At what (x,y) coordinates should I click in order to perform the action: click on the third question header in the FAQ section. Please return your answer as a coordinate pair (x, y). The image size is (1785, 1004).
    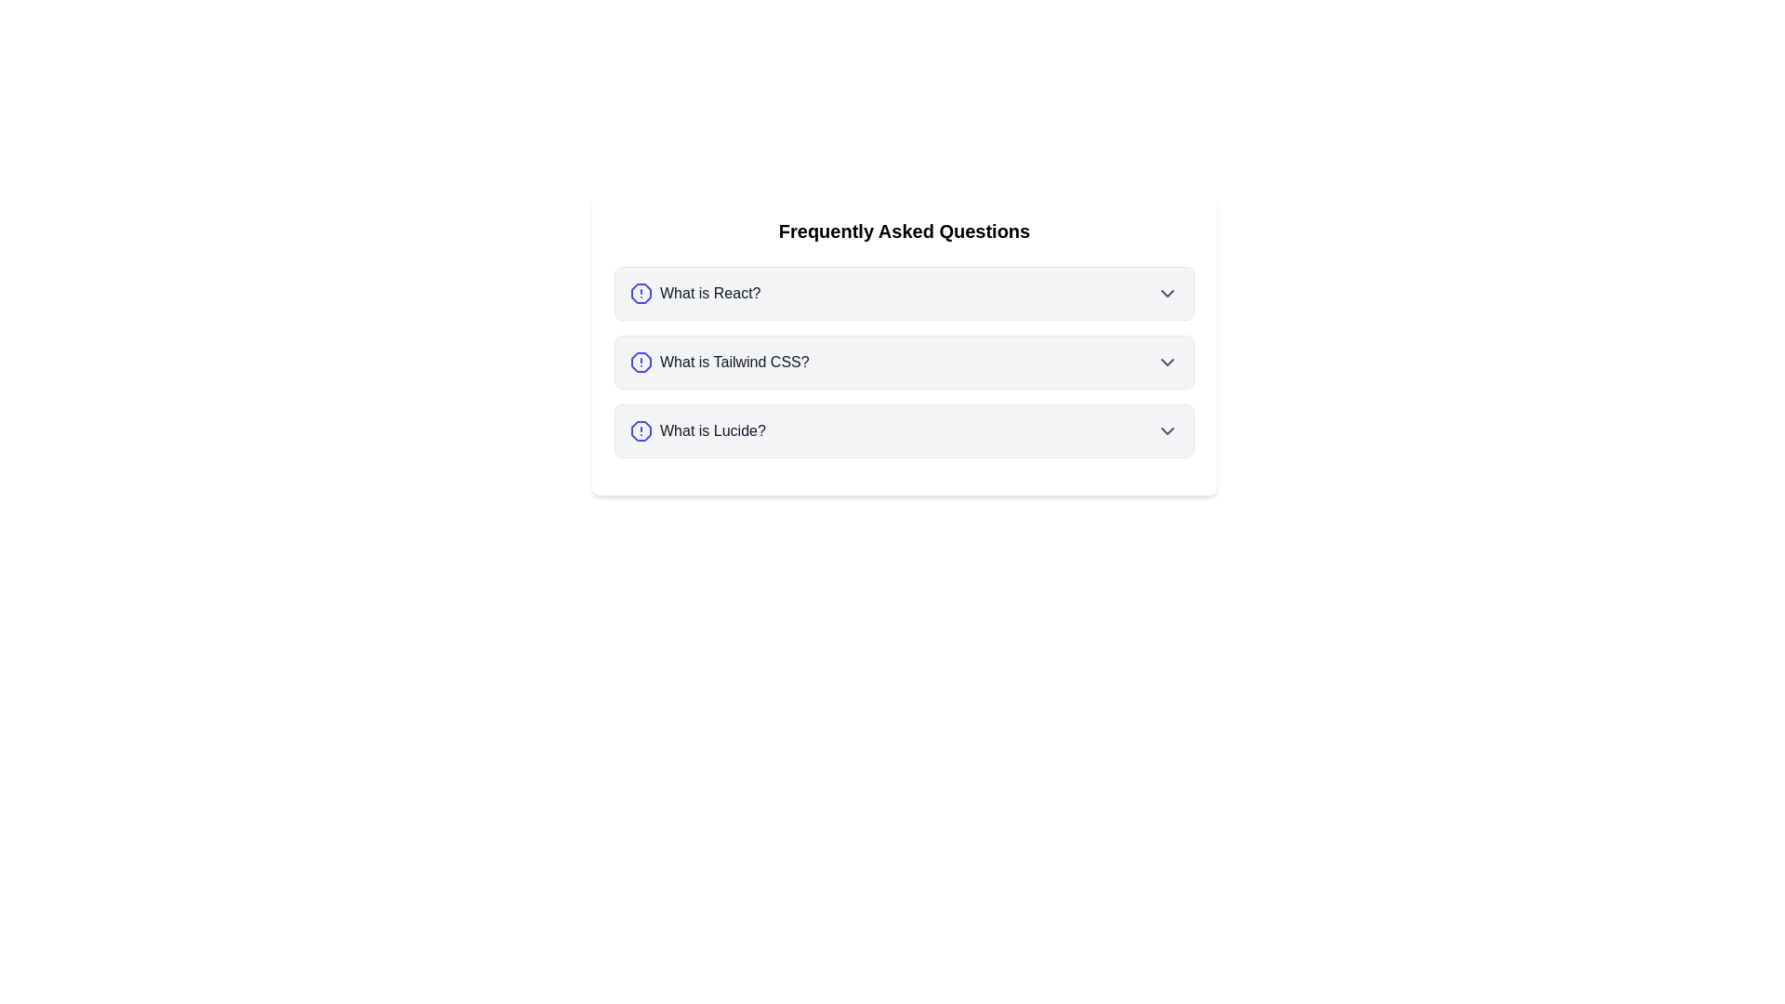
    Looking at the image, I should click on (711, 430).